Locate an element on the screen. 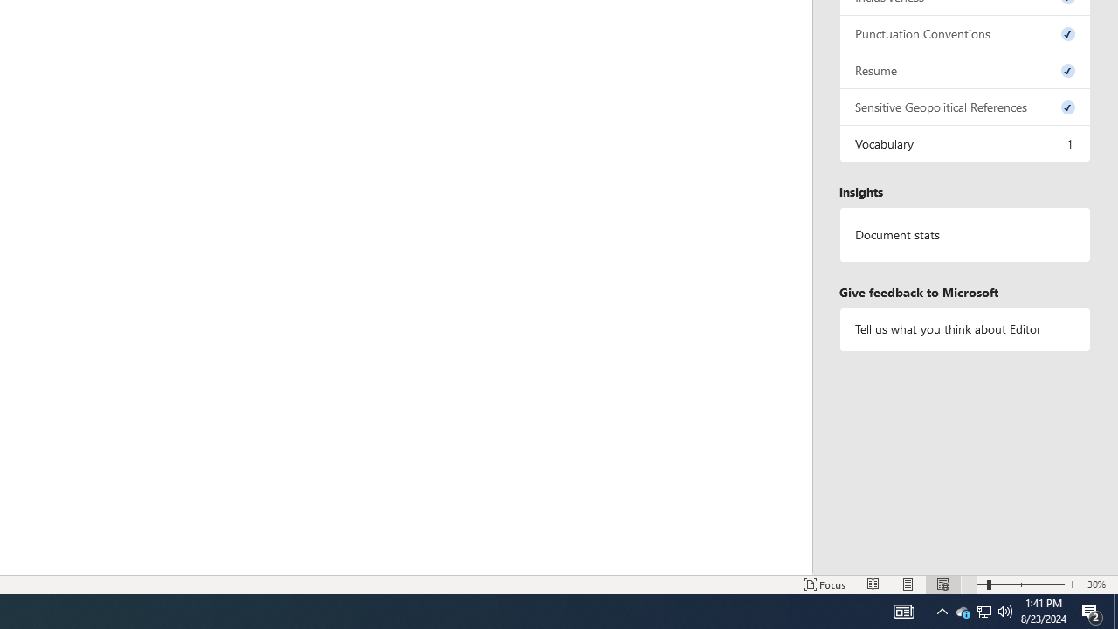 This screenshot has width=1118, height=629. 'Zoom Out' is located at coordinates (982, 584).